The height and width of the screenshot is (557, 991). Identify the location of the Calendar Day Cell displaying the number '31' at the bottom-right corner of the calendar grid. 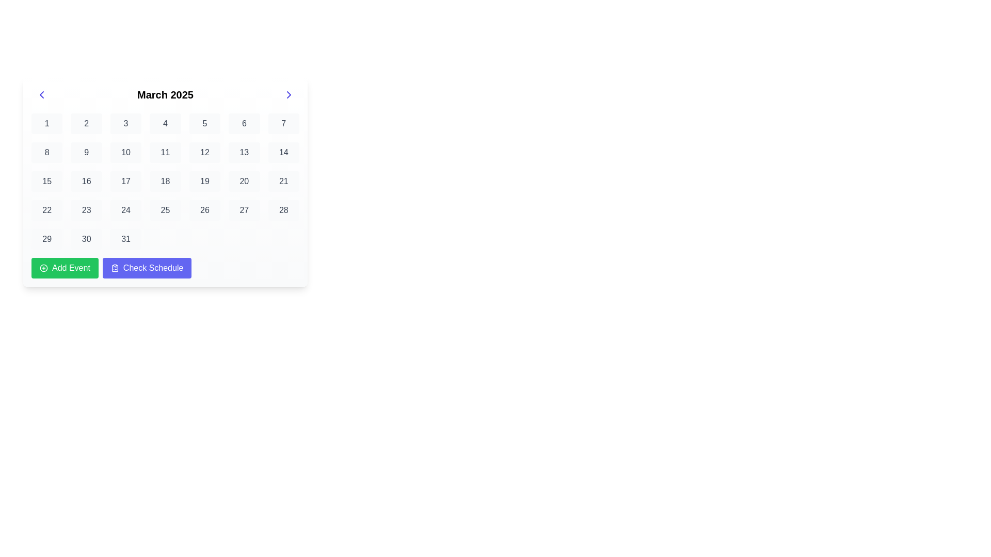
(125, 239).